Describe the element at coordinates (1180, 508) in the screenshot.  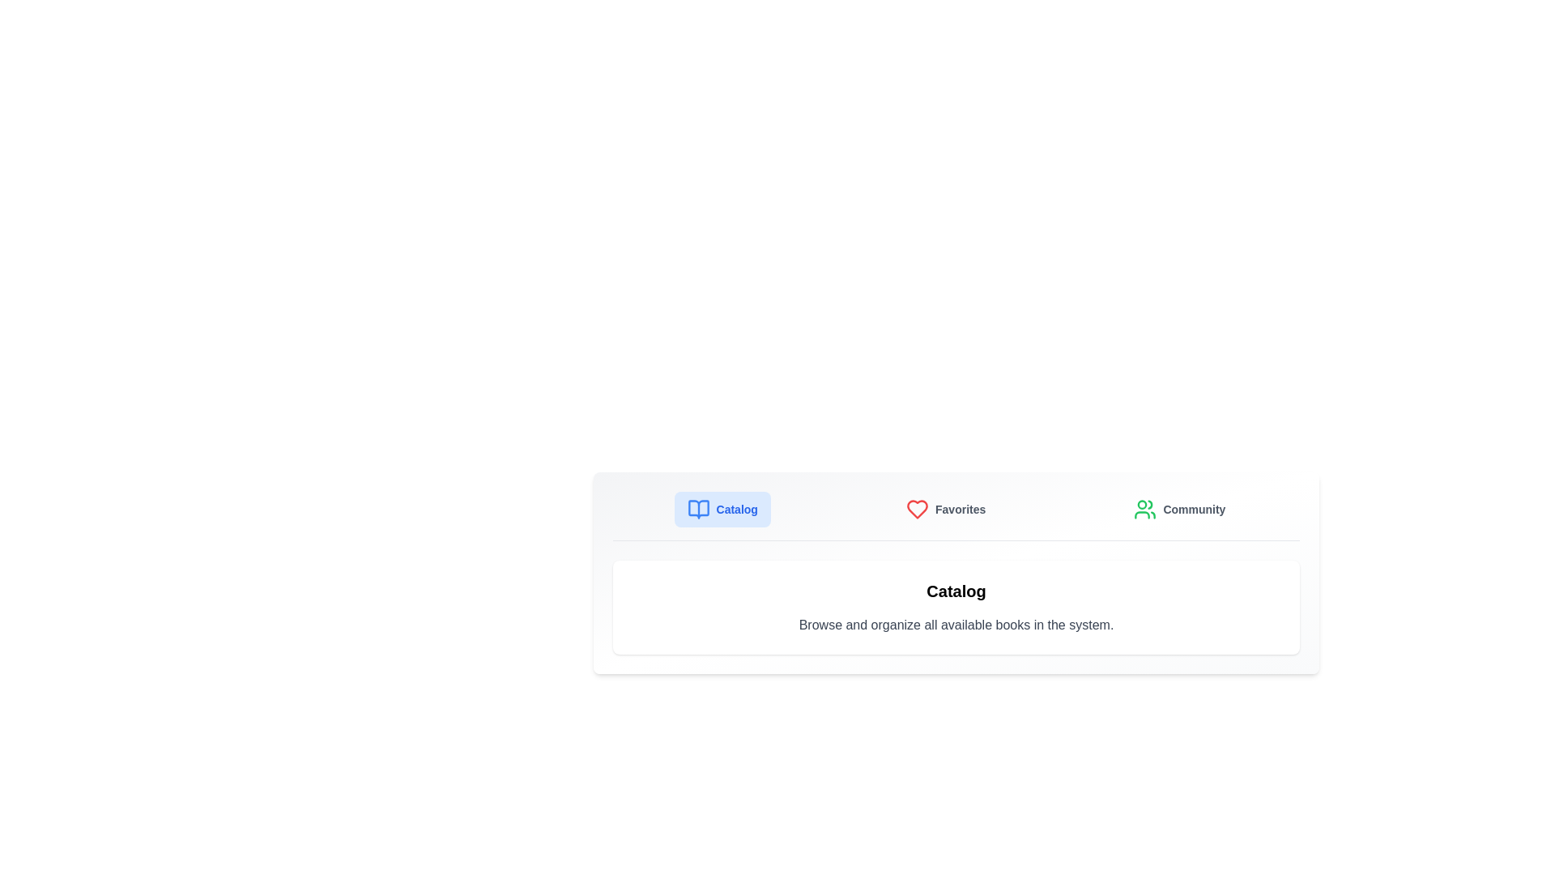
I see `the Community tab by clicking on its button` at that location.